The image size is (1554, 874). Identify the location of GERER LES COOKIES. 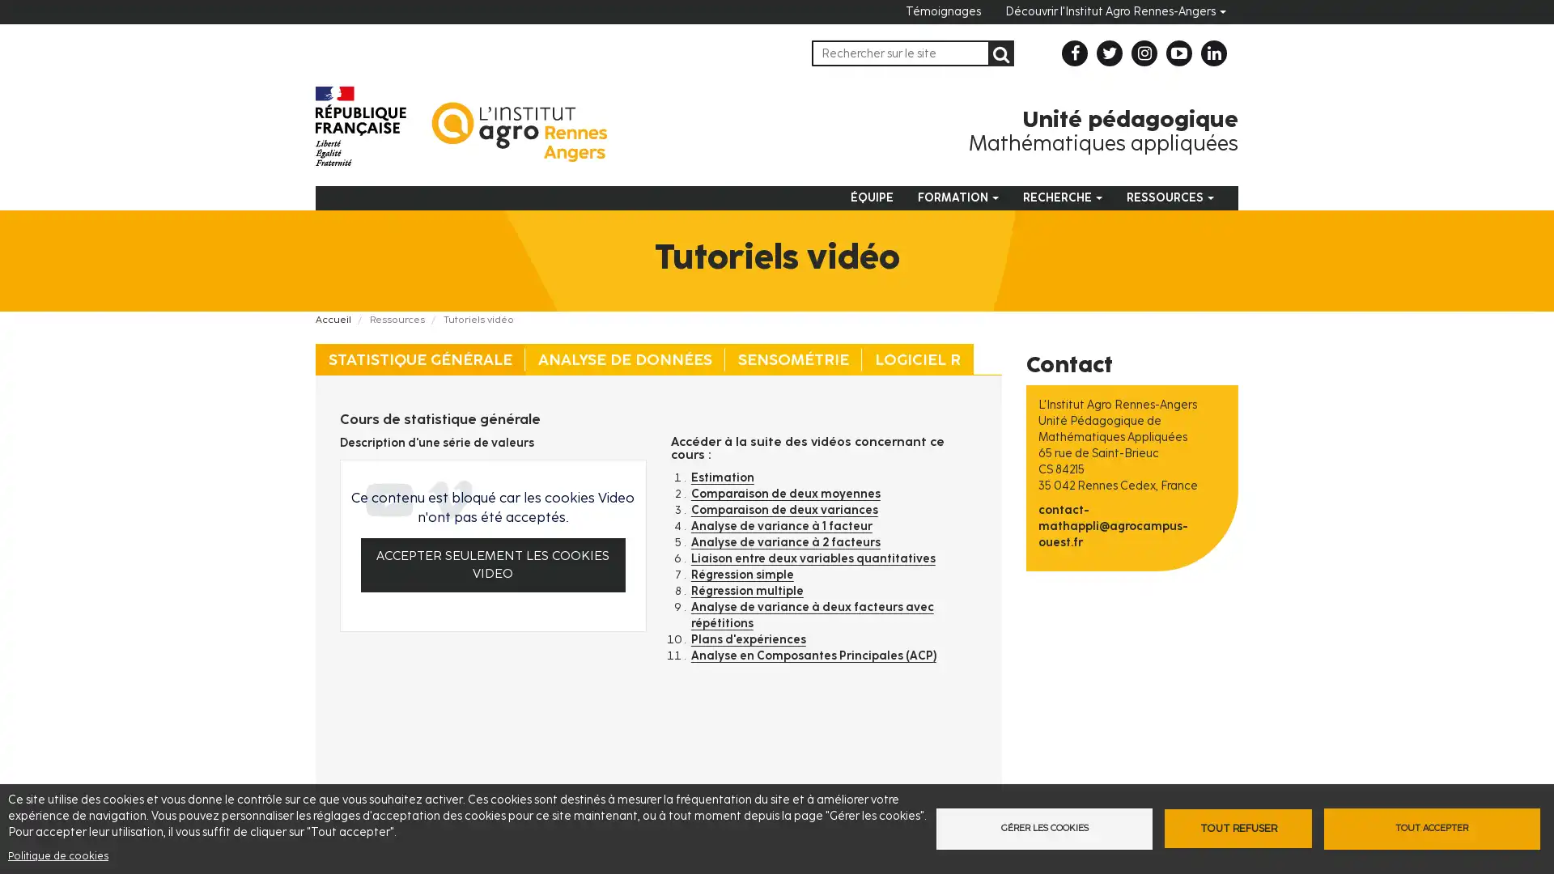
(1041, 828).